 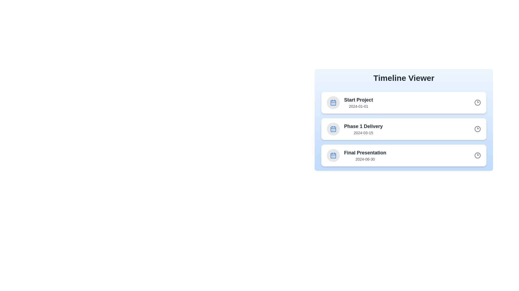 I want to click on the timeline event item titled 'Final Presentation' with the date '2024-06-30', which is the third item in the vertical list of events in the 'Timeline Viewer', so click(x=357, y=155).